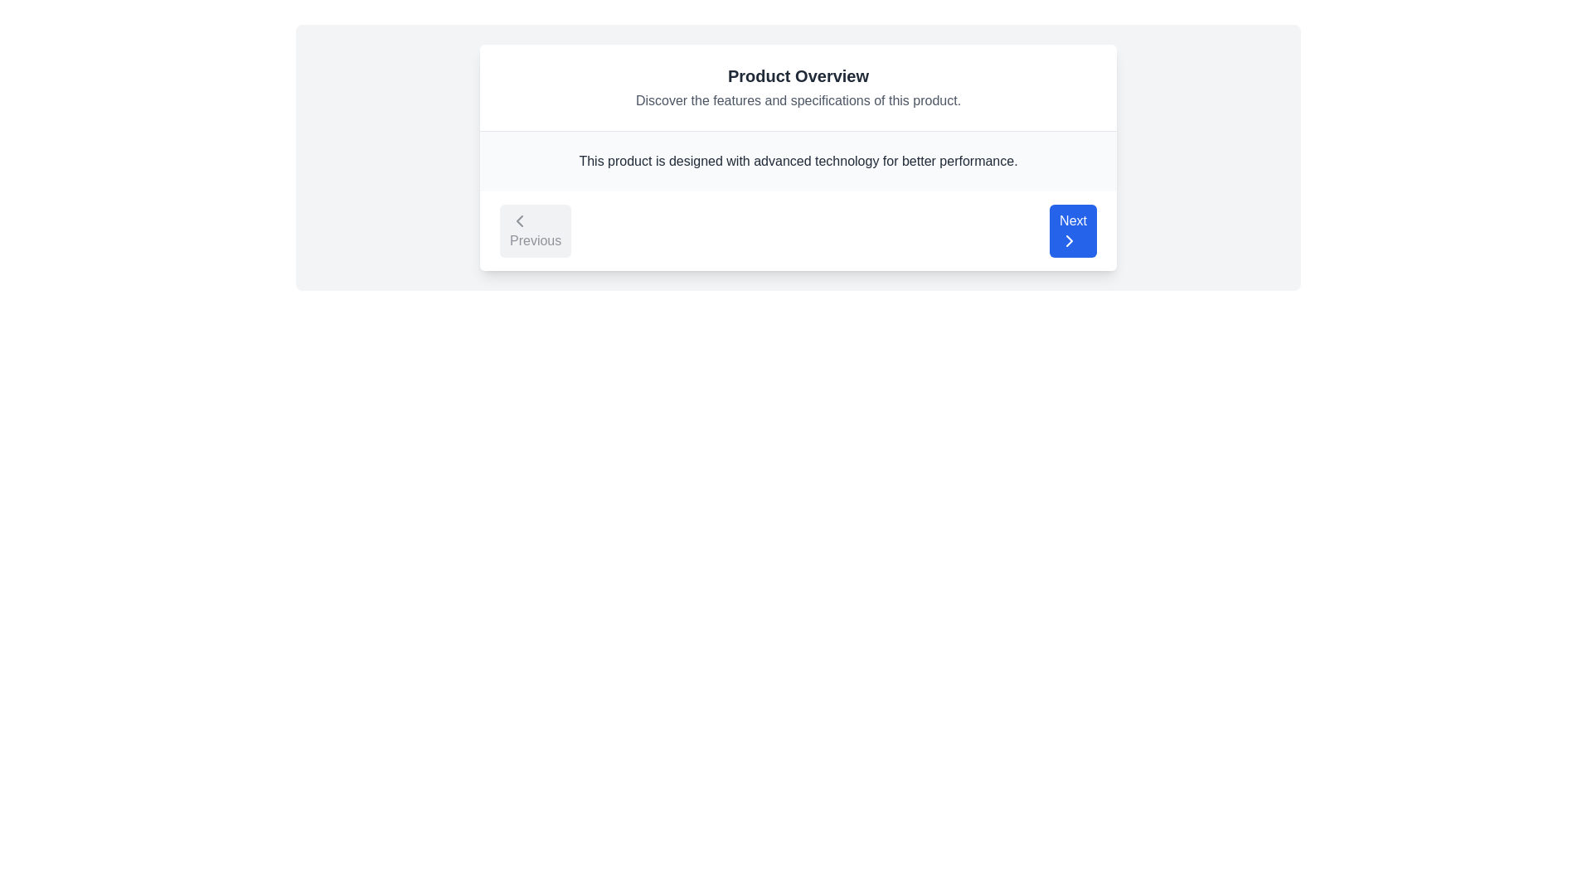 Image resolution: width=1592 pixels, height=895 pixels. I want to click on the 'back' icon located within the 'Previous' button at the bottom left of the content card, so click(519, 220).